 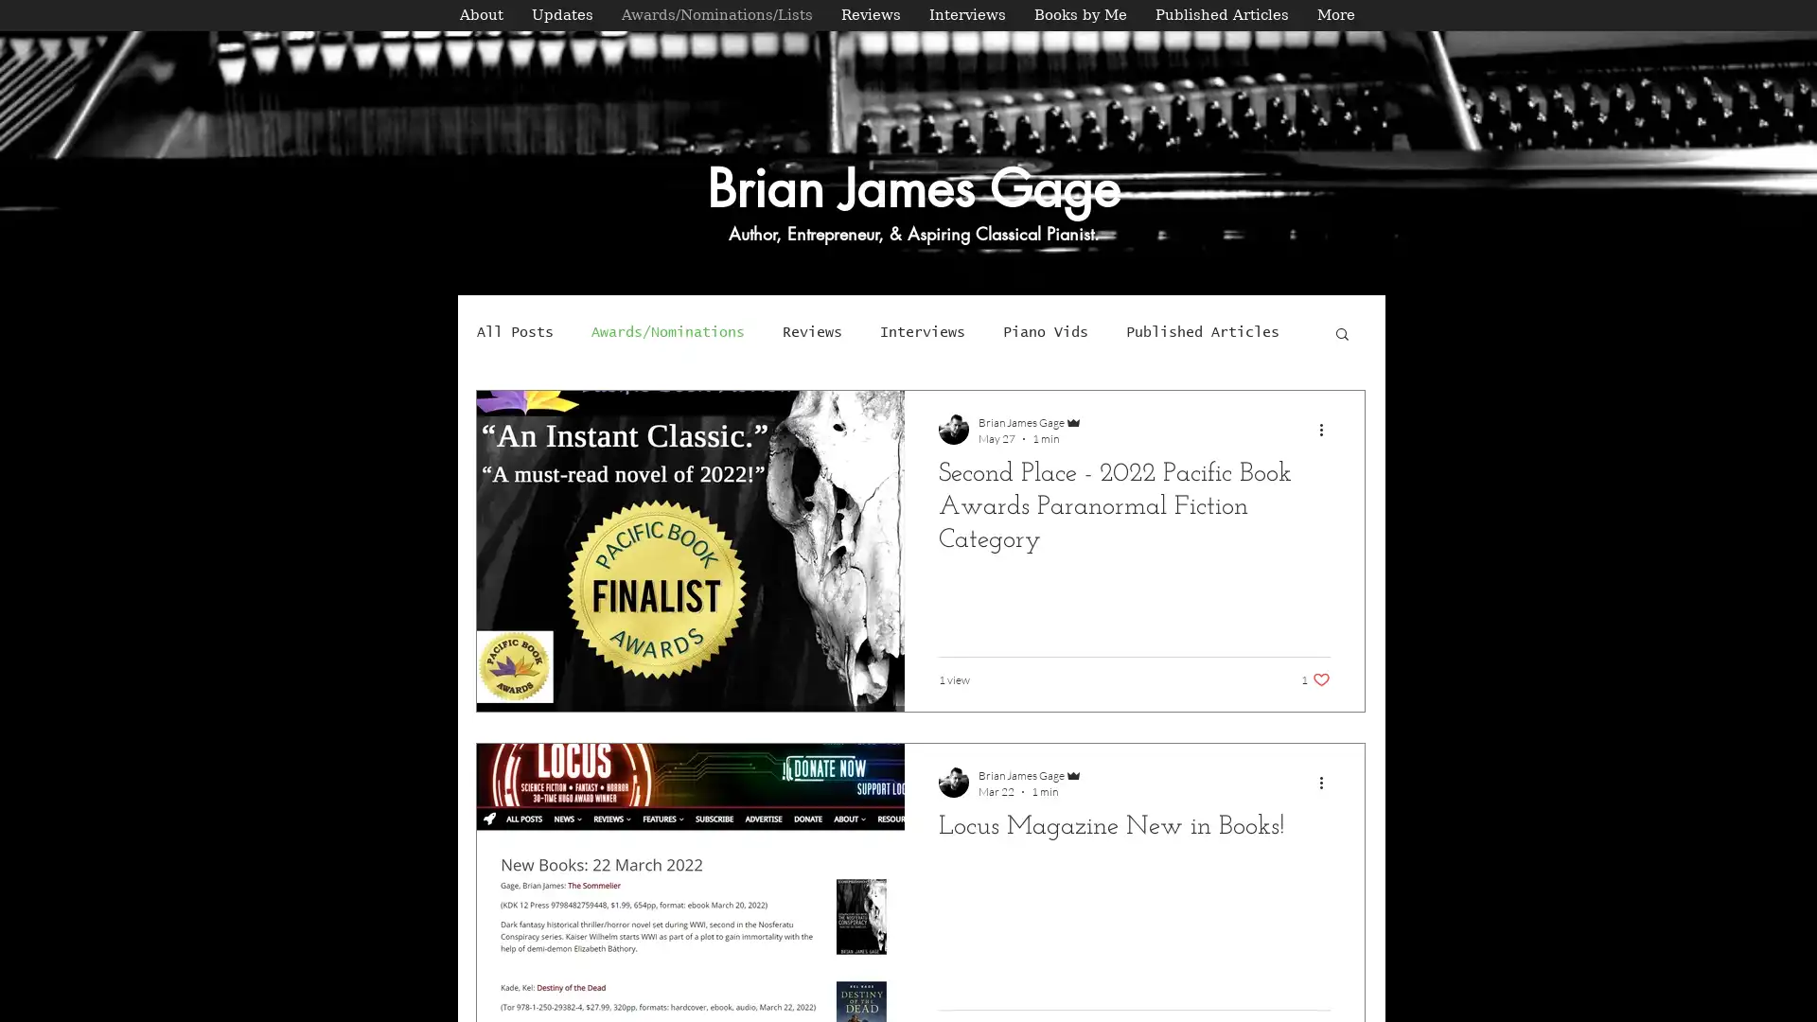 I want to click on Search, so click(x=1341, y=334).